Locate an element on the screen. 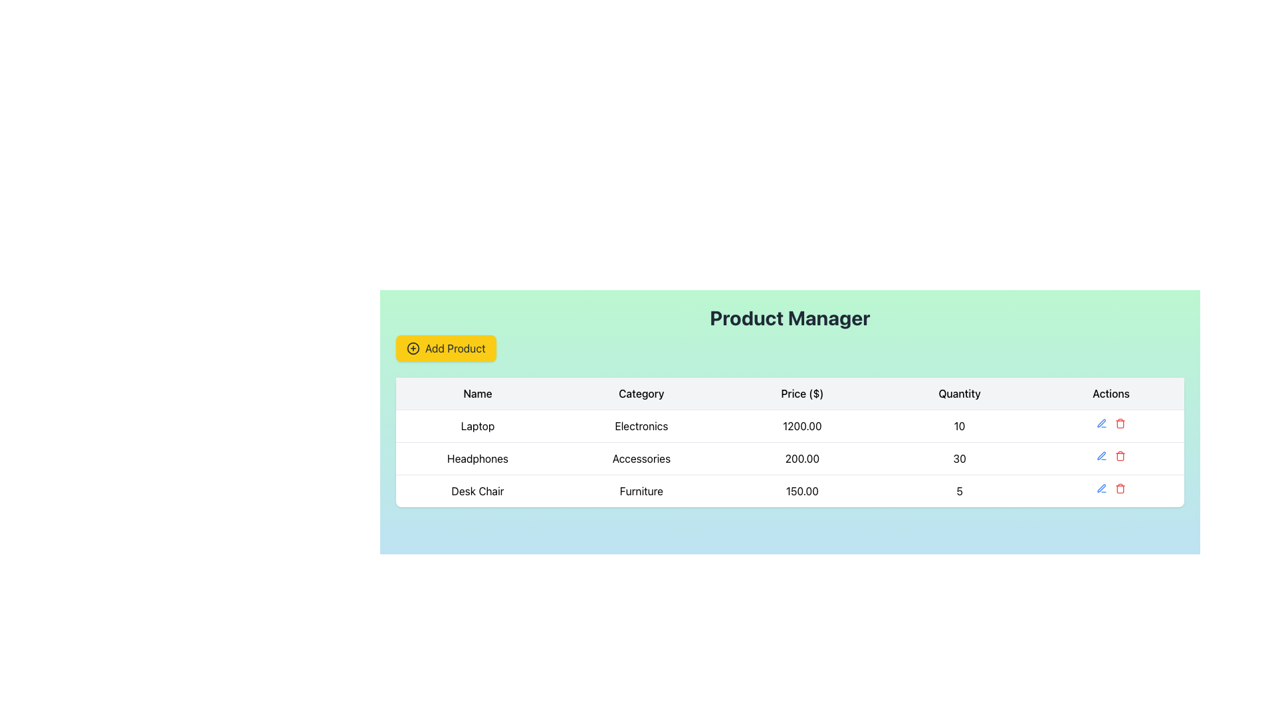 The width and height of the screenshot is (1276, 717). the 'Add Product' button, which is a vibrant yellow button with rounded edges and a bold dark gray label, to receive additional visual feedback is located at coordinates (446, 347).